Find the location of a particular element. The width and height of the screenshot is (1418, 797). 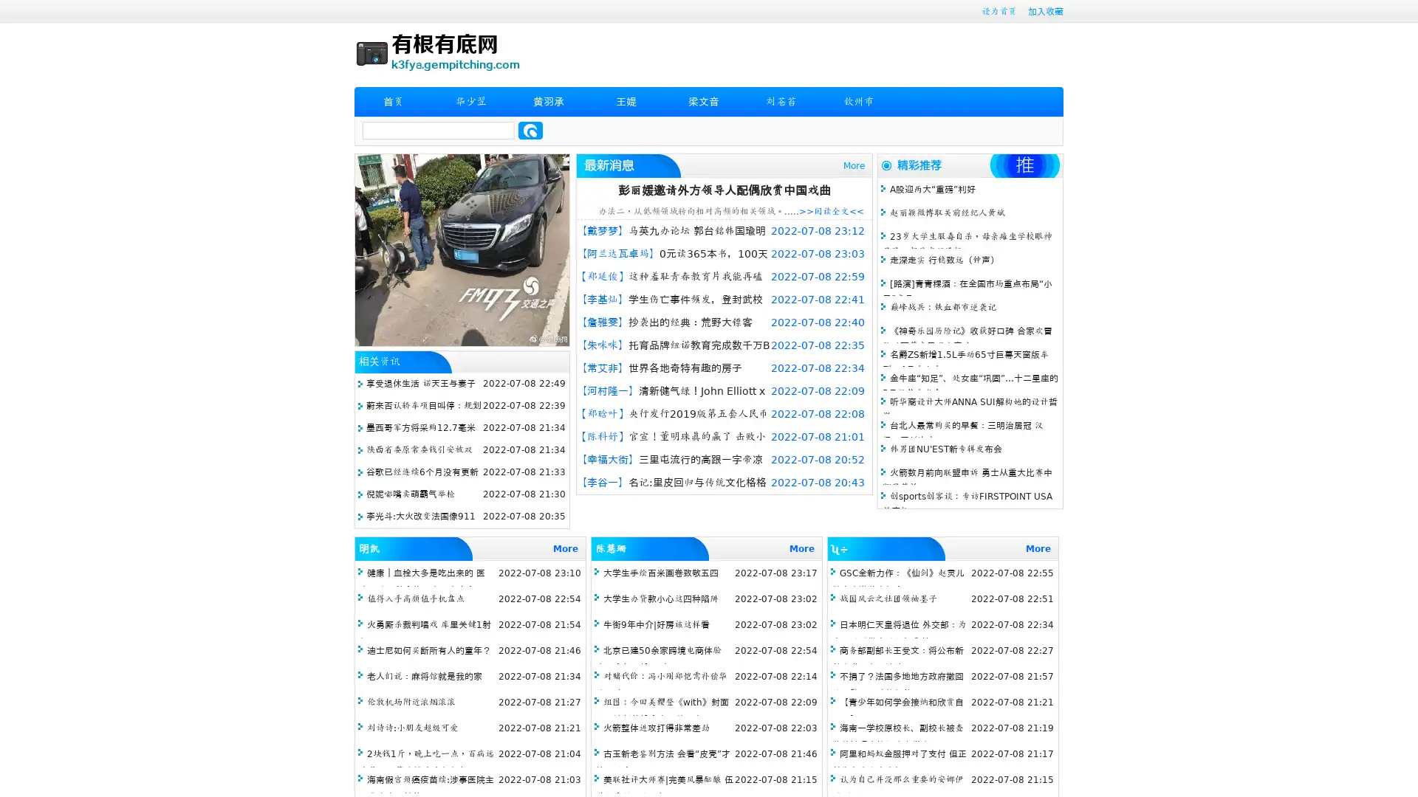

Search is located at coordinates (530, 130).